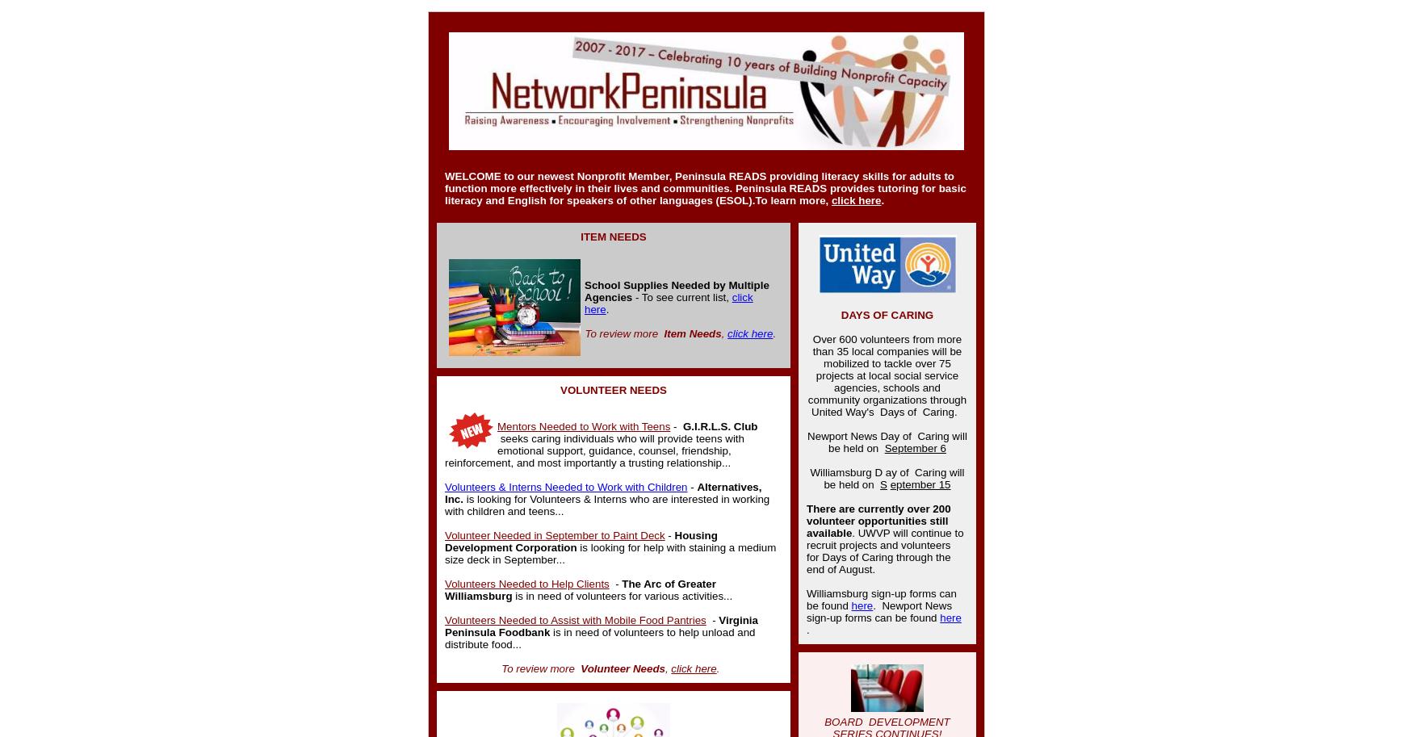  Describe the element at coordinates (891, 412) in the screenshot. I see `'Days'` at that location.